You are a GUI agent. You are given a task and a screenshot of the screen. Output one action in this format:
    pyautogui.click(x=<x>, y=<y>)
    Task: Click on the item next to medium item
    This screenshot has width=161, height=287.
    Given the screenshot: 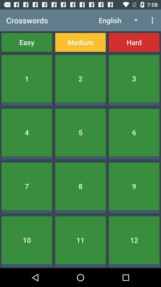 What is the action you would take?
    pyautogui.click(x=134, y=42)
    